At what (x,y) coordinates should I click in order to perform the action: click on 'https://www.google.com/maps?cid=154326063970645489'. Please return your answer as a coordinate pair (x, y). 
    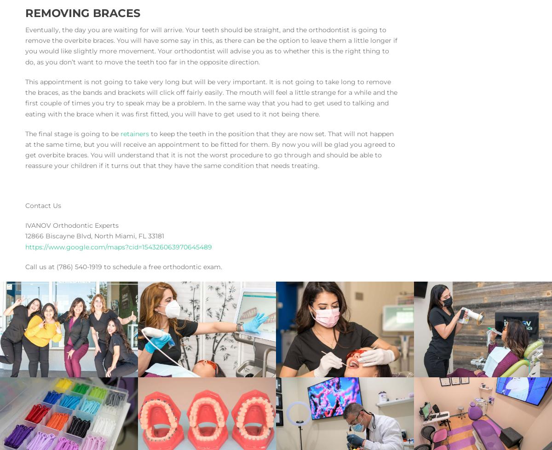
    Looking at the image, I should click on (118, 247).